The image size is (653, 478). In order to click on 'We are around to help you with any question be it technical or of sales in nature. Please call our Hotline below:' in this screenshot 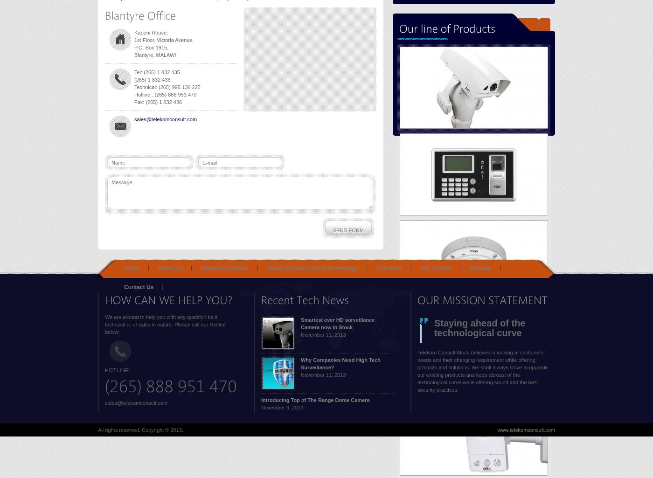, I will do `click(165, 324)`.